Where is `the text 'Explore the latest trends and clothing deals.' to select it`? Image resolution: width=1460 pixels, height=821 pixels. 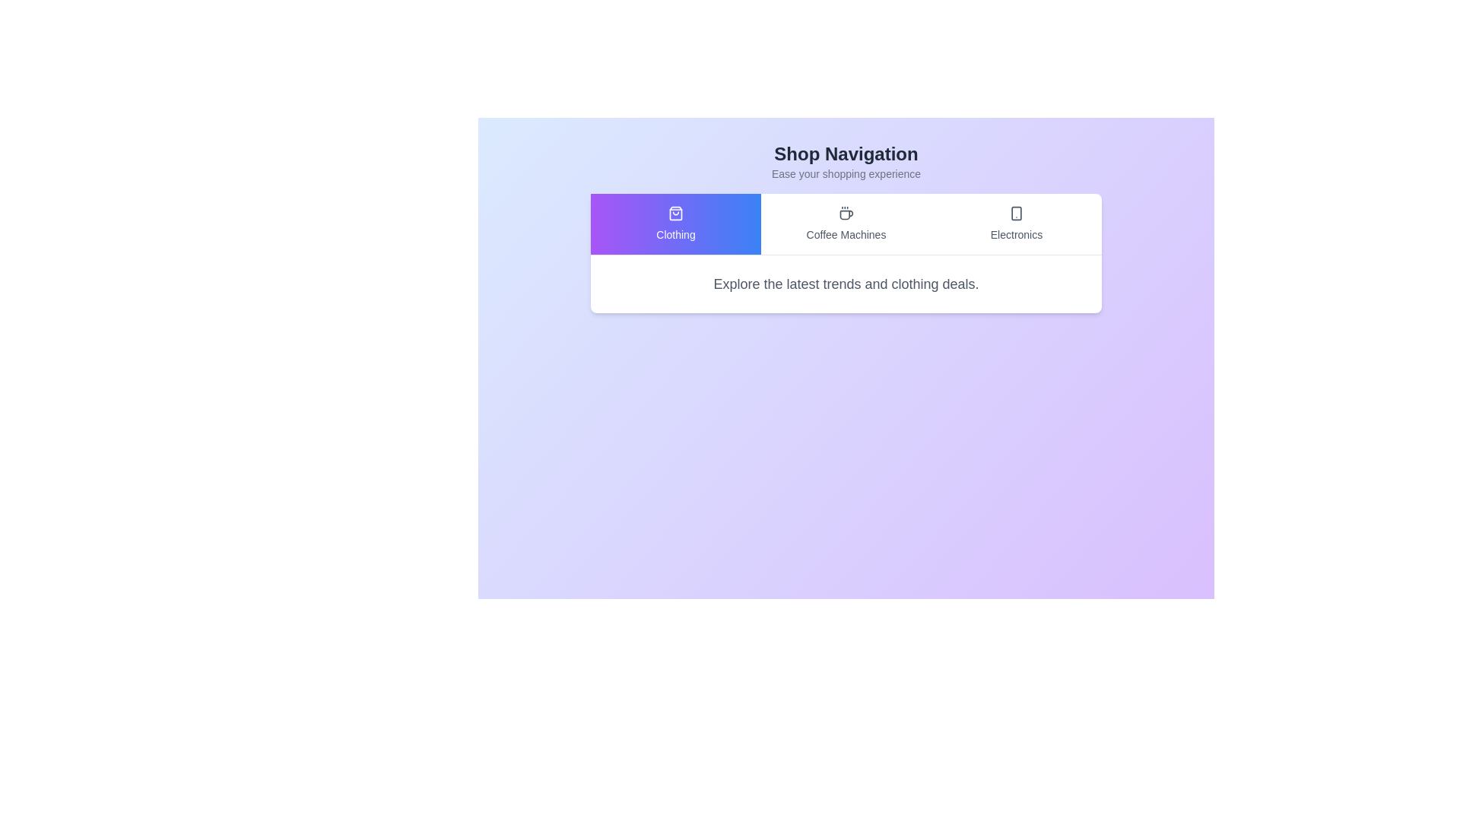
the text 'Explore the latest trends and clothing deals.' to select it is located at coordinates (846, 284).